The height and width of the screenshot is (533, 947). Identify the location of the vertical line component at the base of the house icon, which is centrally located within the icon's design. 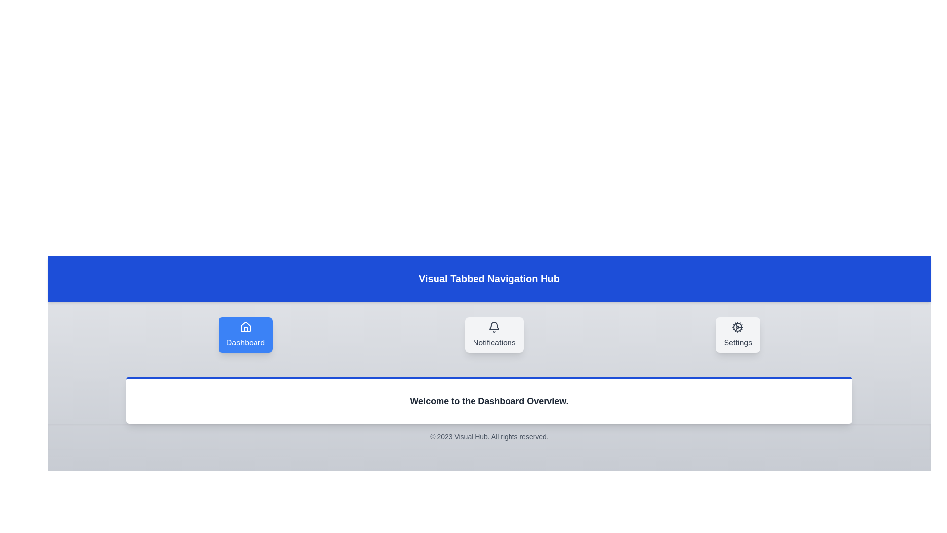
(245, 329).